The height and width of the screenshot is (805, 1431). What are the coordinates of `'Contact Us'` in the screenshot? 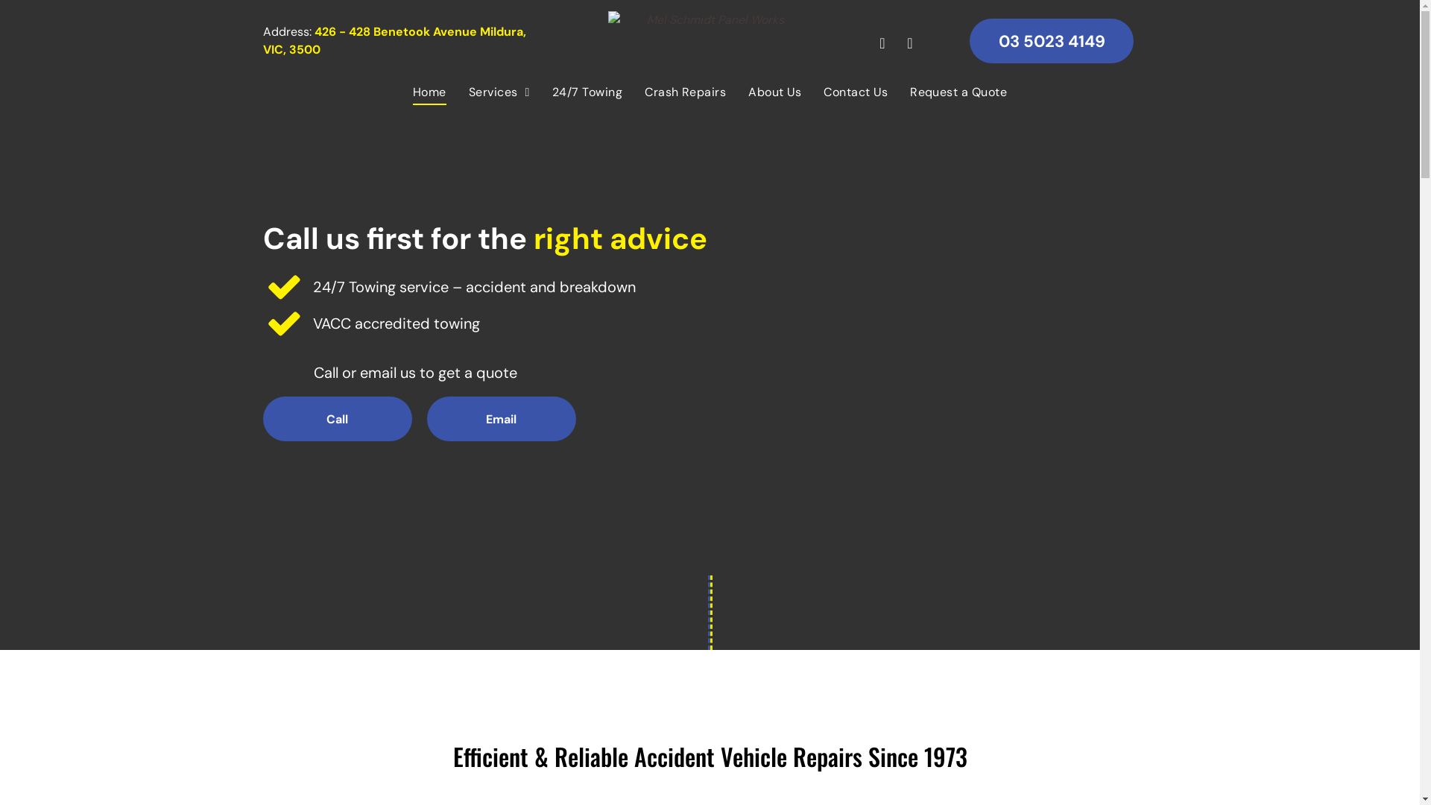 It's located at (855, 92).